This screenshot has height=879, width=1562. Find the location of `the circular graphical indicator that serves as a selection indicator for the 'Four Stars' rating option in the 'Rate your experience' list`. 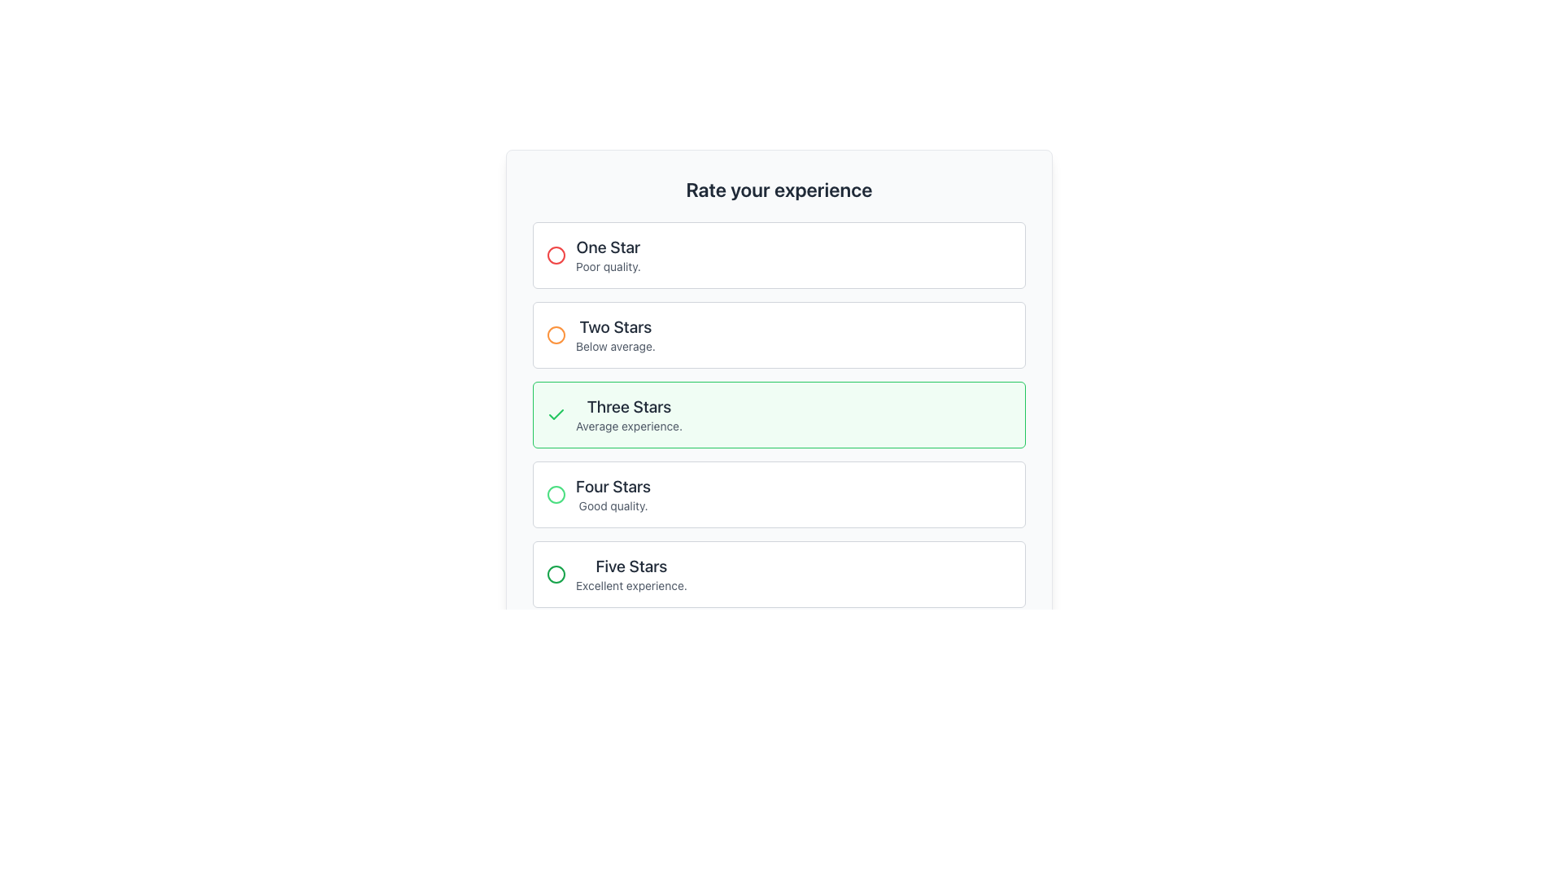

the circular graphical indicator that serves as a selection indicator for the 'Four Stars' rating option in the 'Rate your experience' list is located at coordinates (556, 494).